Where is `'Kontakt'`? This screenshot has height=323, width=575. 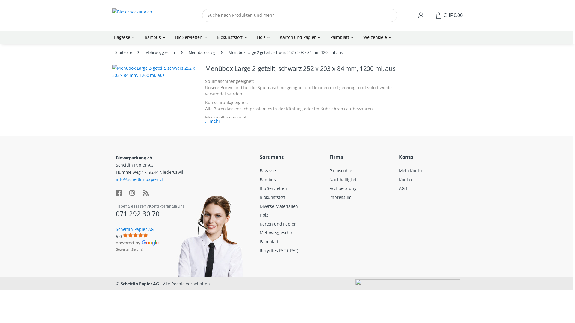 'Kontakt' is located at coordinates (406, 179).